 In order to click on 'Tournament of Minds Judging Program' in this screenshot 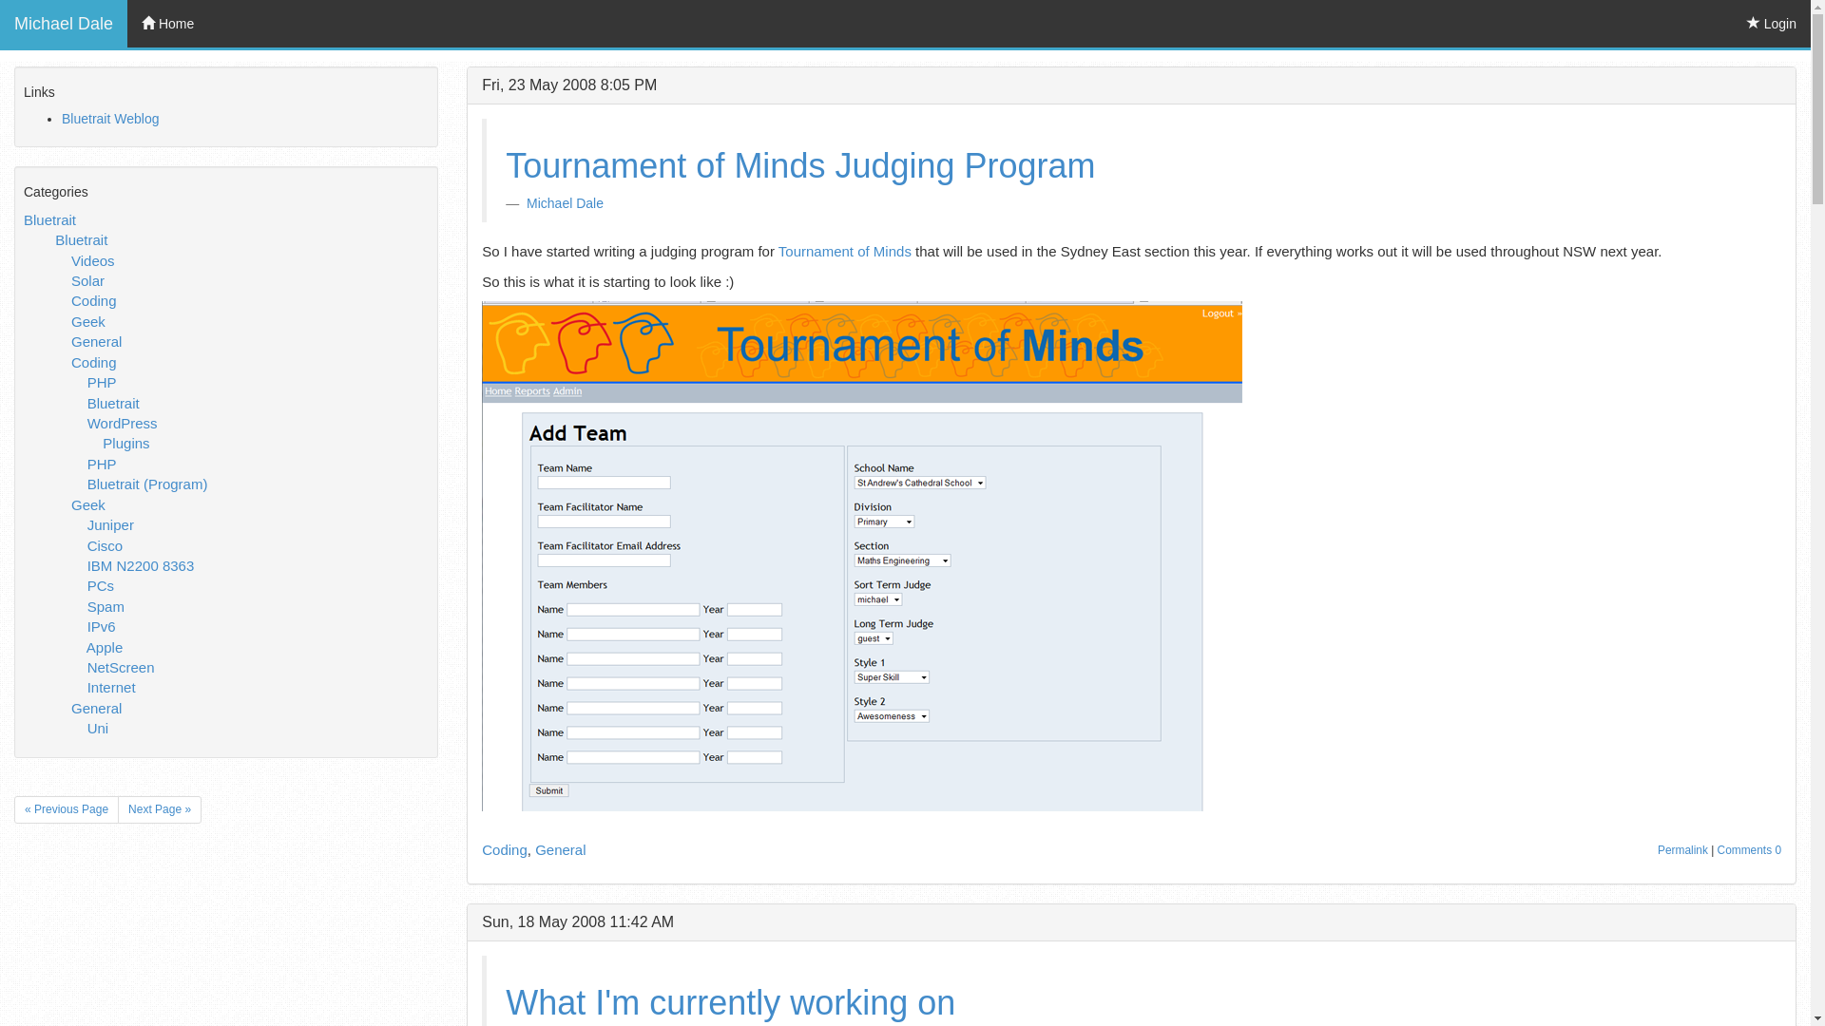, I will do `click(799, 164)`.